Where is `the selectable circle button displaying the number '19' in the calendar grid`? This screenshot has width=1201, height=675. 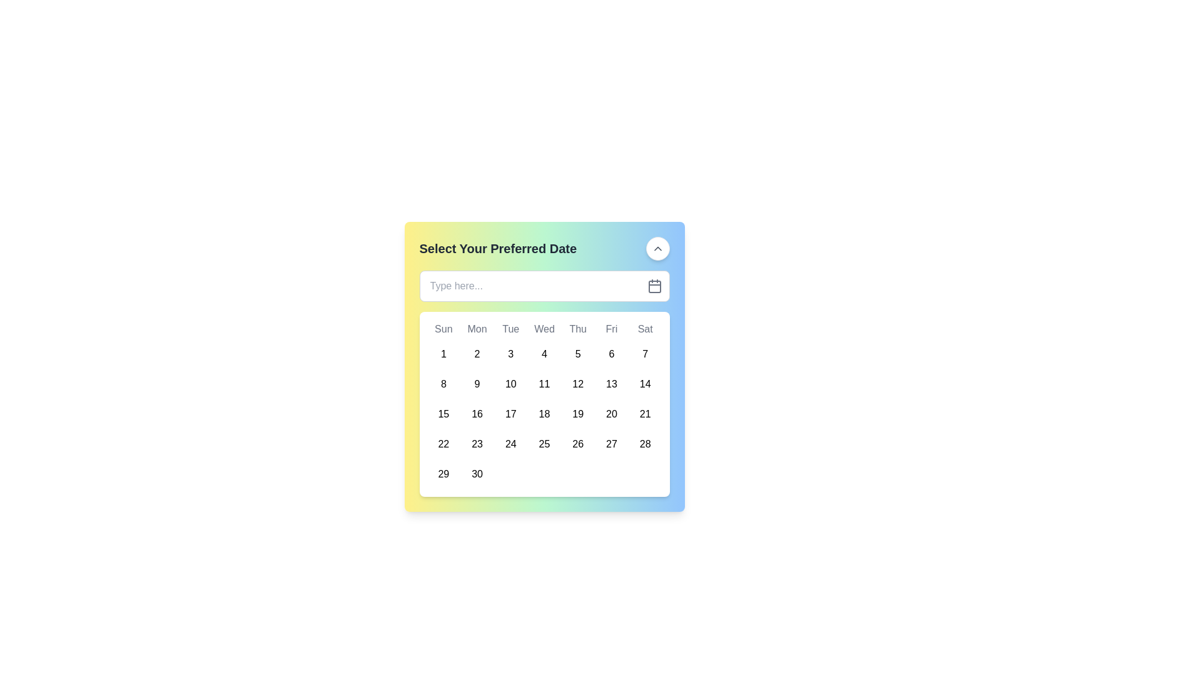 the selectable circle button displaying the number '19' in the calendar grid is located at coordinates (577, 414).